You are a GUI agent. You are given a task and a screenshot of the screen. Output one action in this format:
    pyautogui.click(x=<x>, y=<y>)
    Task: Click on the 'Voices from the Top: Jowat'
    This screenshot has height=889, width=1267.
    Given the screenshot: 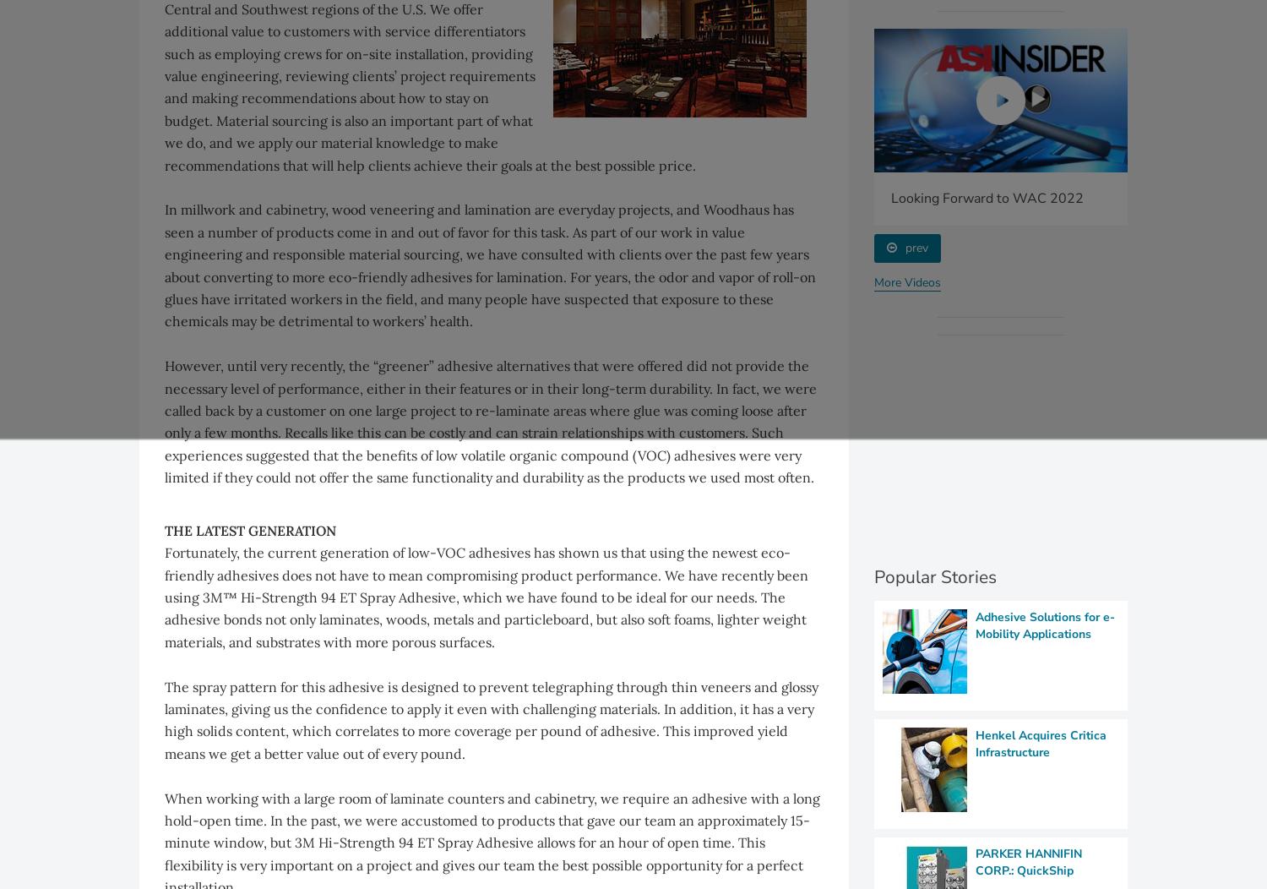 What is the action you would take?
    pyautogui.click(x=383, y=196)
    